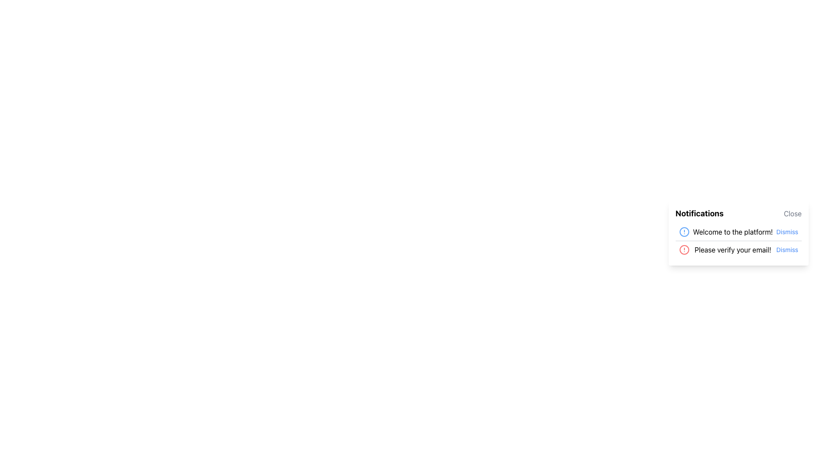 This screenshot has height=471, width=837. I want to click on the blue-bordered circular element with a red fill located in the first notification item of the right-hand notification panel, so click(684, 232).